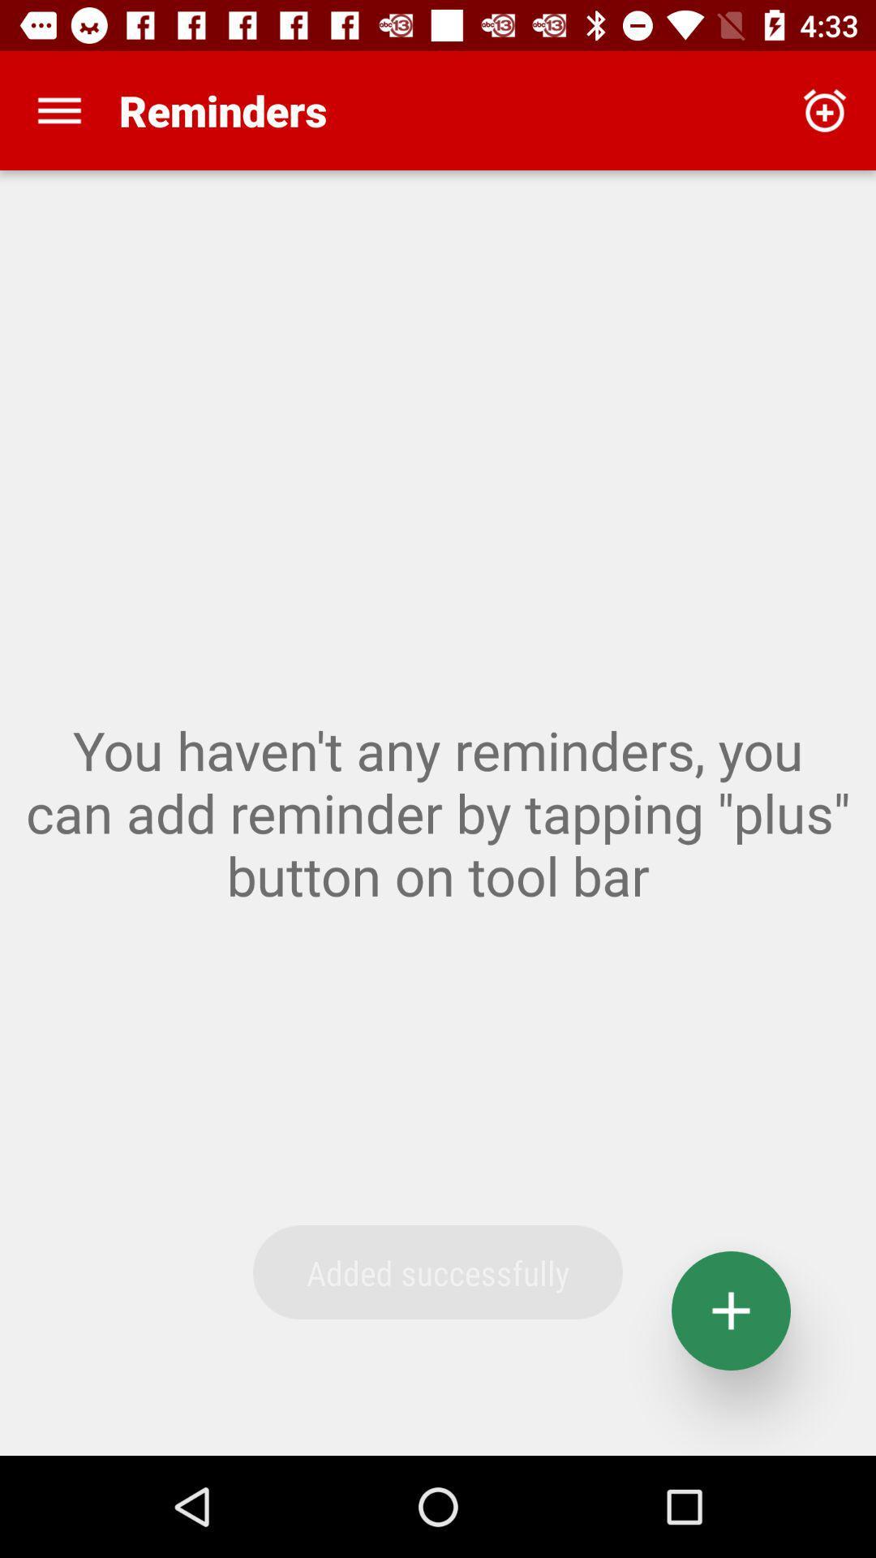 The height and width of the screenshot is (1558, 876). What do you see at coordinates (58, 110) in the screenshot?
I see `item next to the reminders icon` at bounding box center [58, 110].